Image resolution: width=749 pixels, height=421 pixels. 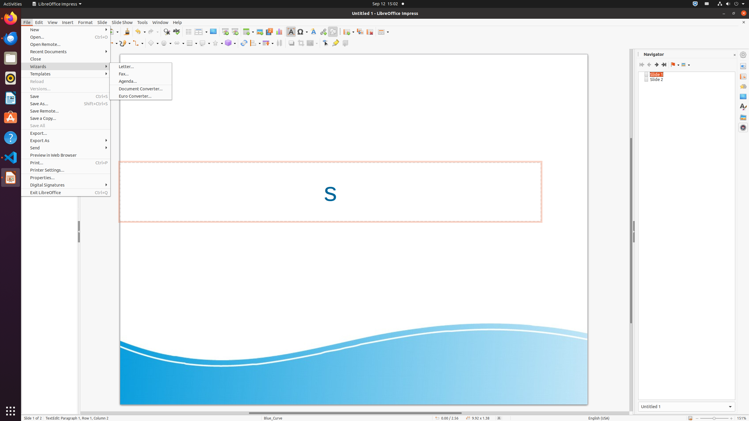 What do you see at coordinates (102, 22) in the screenshot?
I see `'Slide'` at bounding box center [102, 22].